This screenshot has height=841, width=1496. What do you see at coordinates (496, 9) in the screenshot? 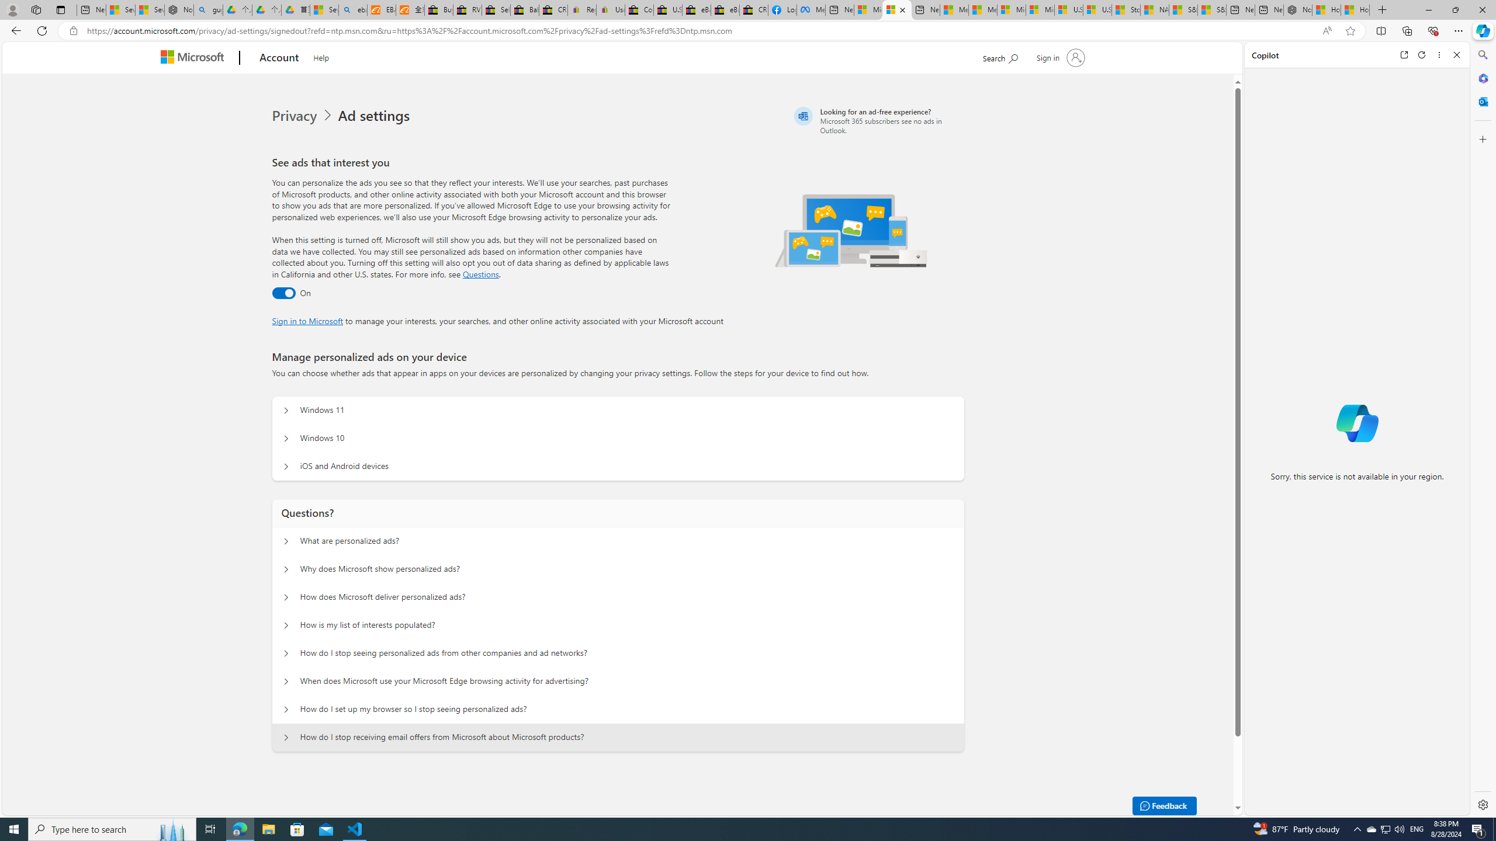
I see `'Sell worldwide with eBay'` at bounding box center [496, 9].